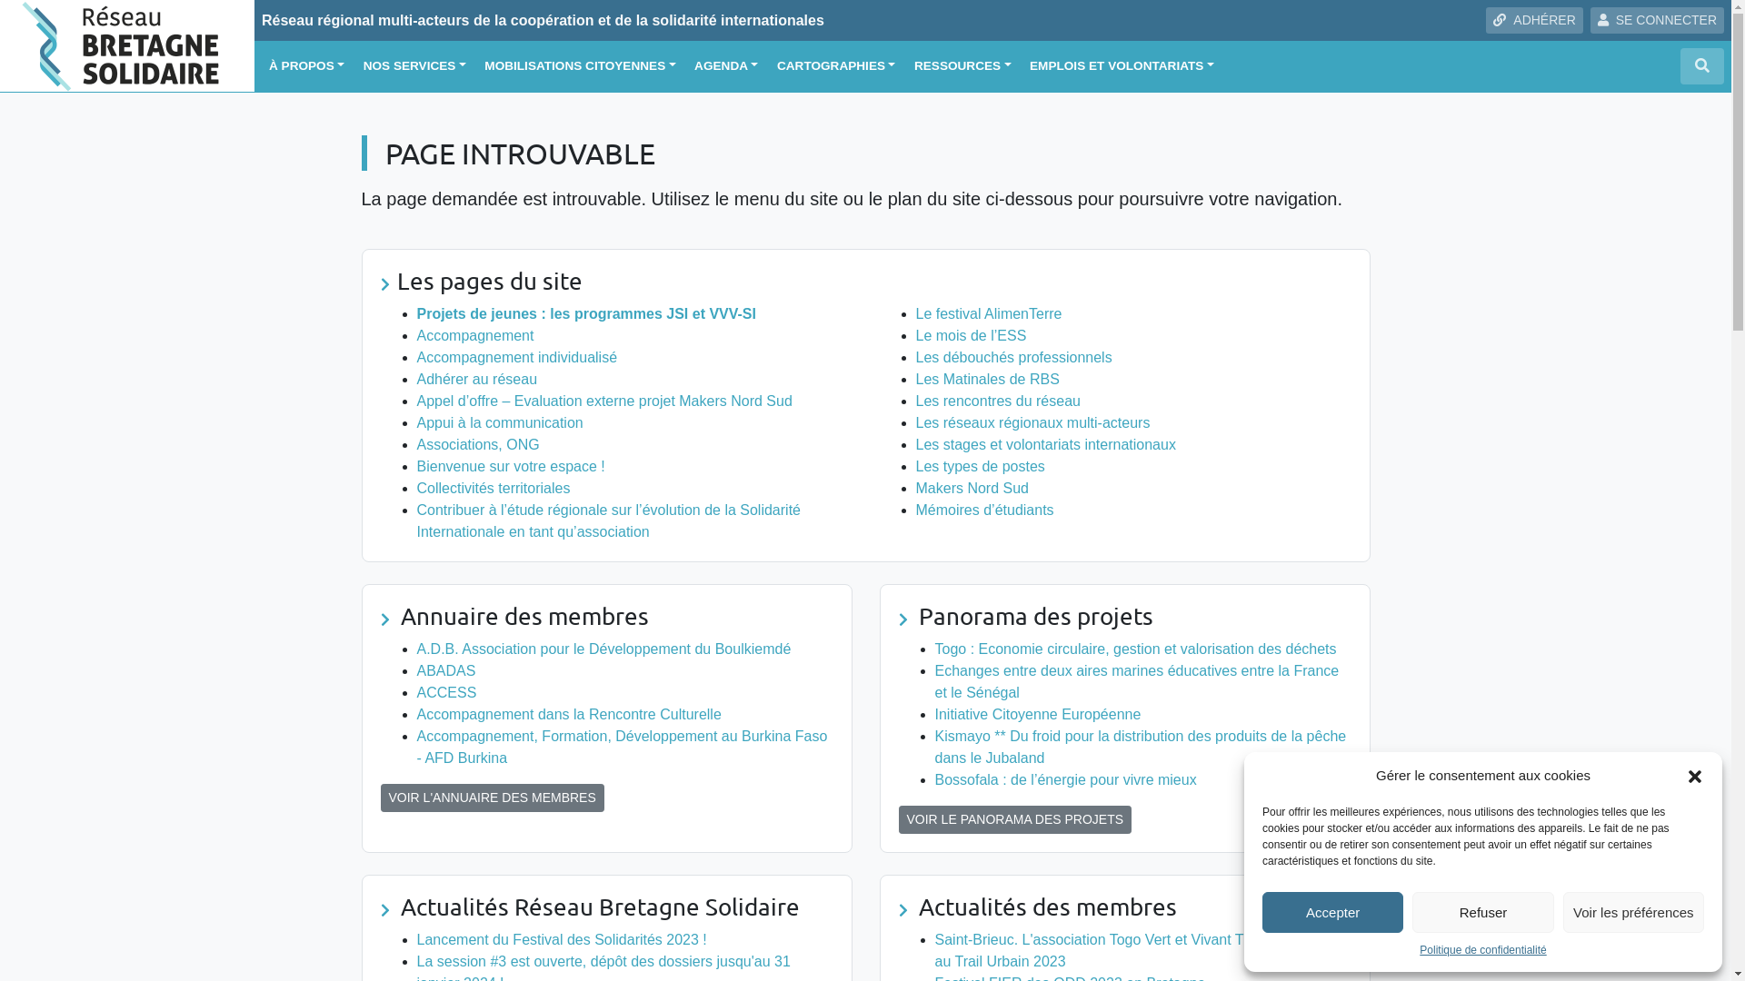  Describe the element at coordinates (1332, 912) in the screenshot. I see `'Accepter'` at that location.